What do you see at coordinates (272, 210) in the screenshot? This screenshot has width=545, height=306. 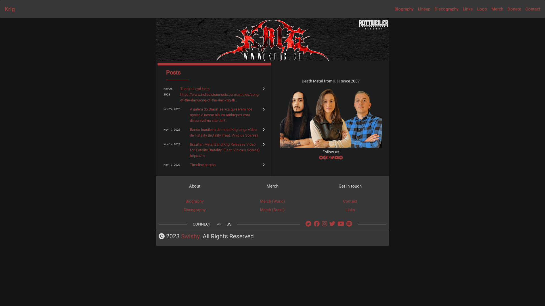 I see `'Merch (Brazil)'` at bounding box center [272, 210].